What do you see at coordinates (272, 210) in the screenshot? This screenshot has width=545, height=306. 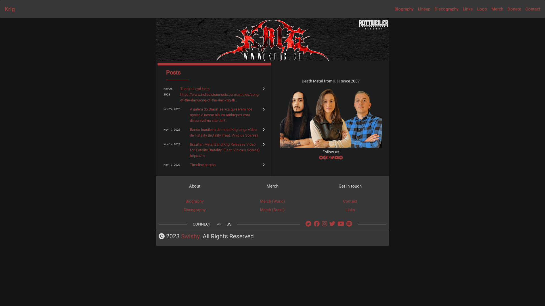 I see `'Merch (Brazil)'` at bounding box center [272, 210].